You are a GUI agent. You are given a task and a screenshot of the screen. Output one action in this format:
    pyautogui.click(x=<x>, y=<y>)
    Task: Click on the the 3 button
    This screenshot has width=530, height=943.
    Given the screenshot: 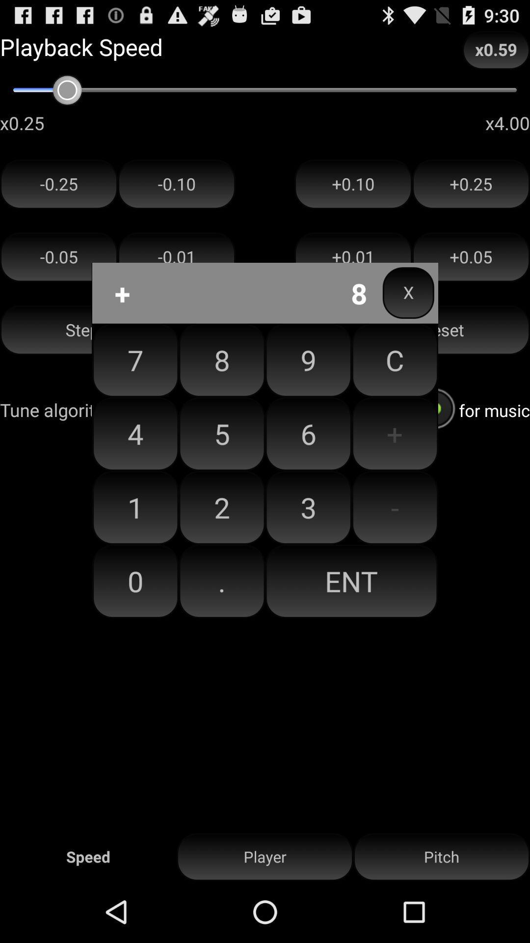 What is the action you would take?
    pyautogui.click(x=308, y=507)
    